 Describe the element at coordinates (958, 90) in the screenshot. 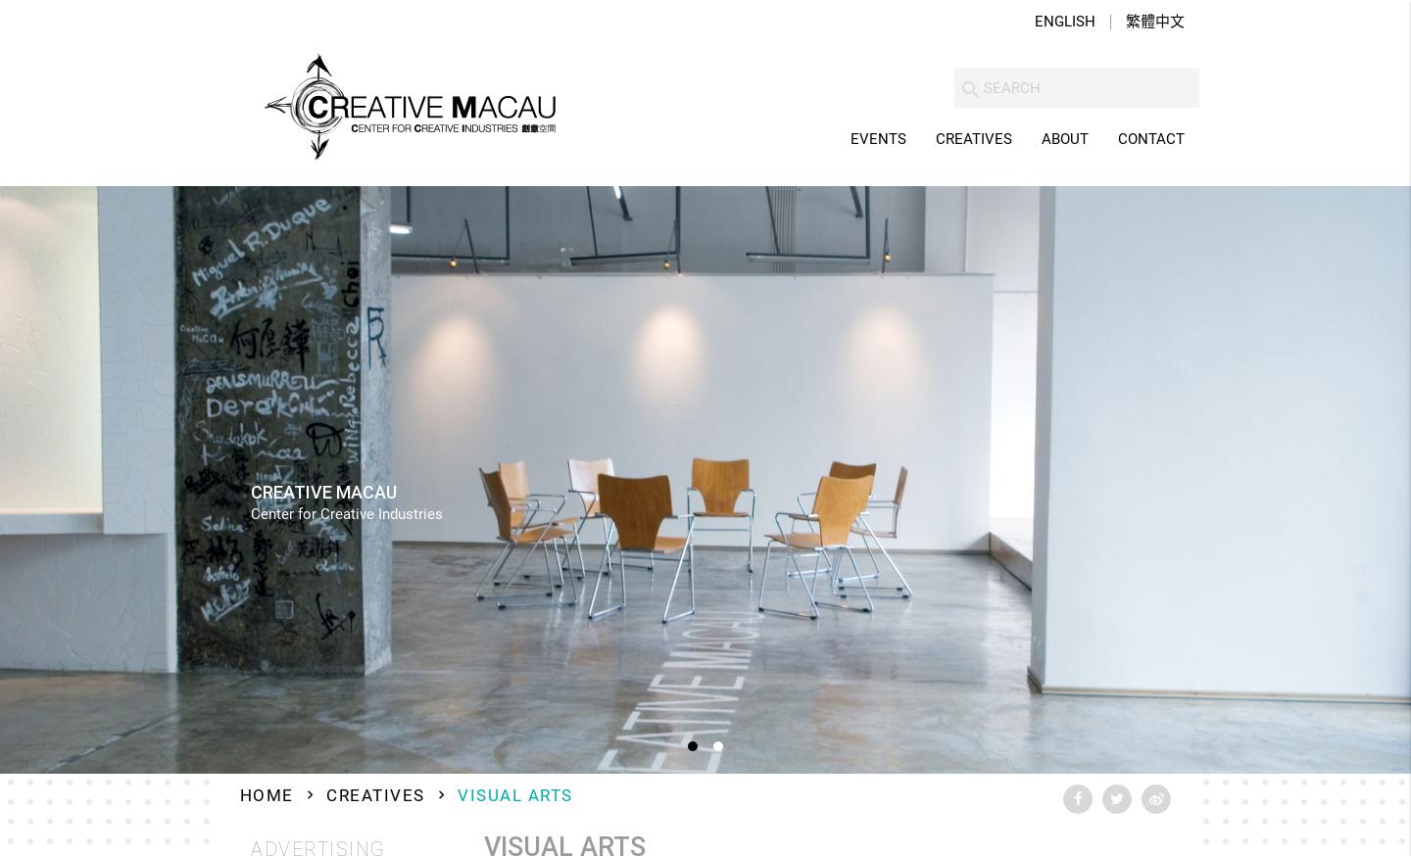

I see `'search'` at that location.